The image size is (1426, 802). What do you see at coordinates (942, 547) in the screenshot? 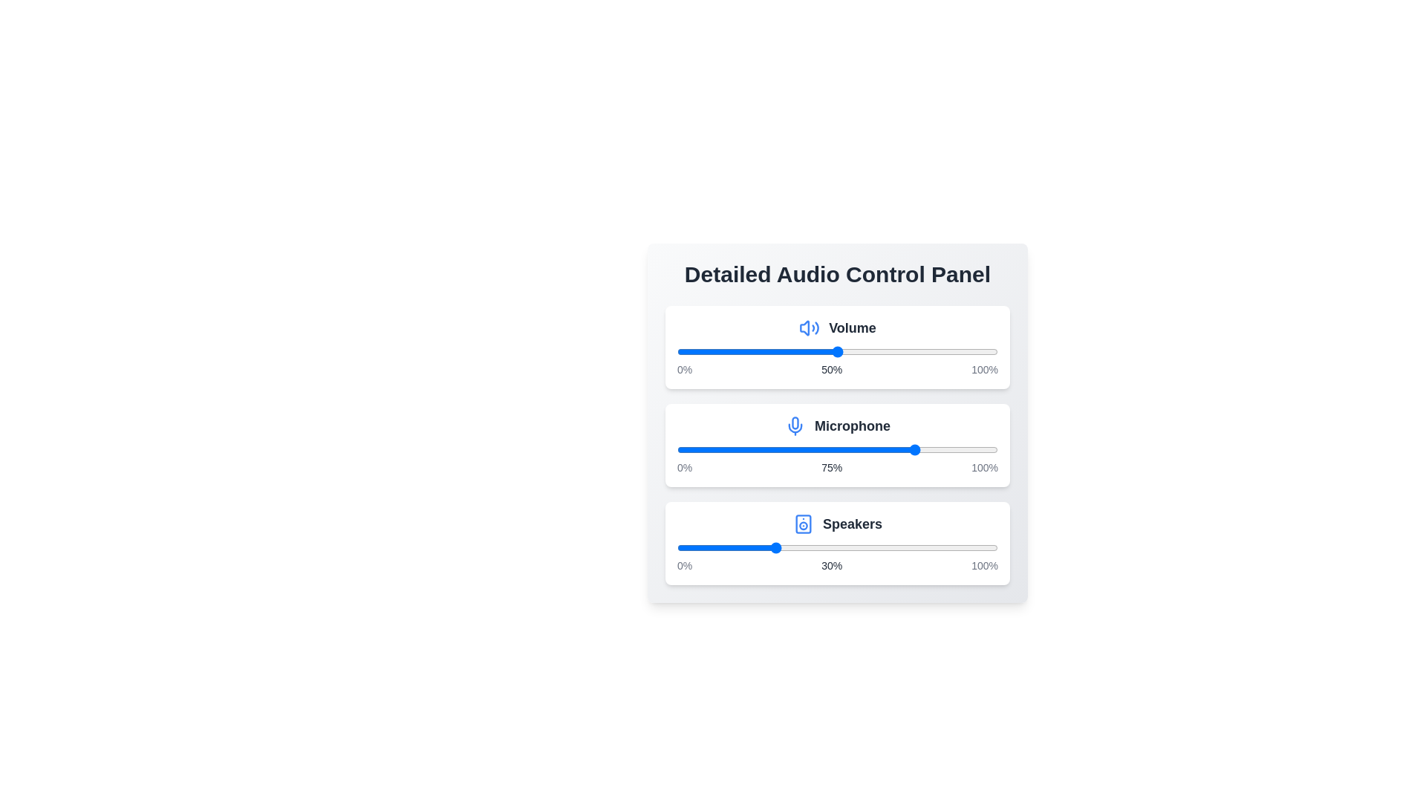
I see `the speaker level to 83% using the slider` at bounding box center [942, 547].